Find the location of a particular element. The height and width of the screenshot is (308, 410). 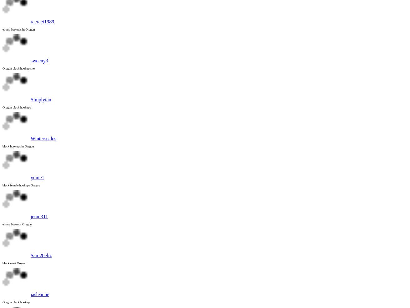

'Winterscales' is located at coordinates (43, 138).